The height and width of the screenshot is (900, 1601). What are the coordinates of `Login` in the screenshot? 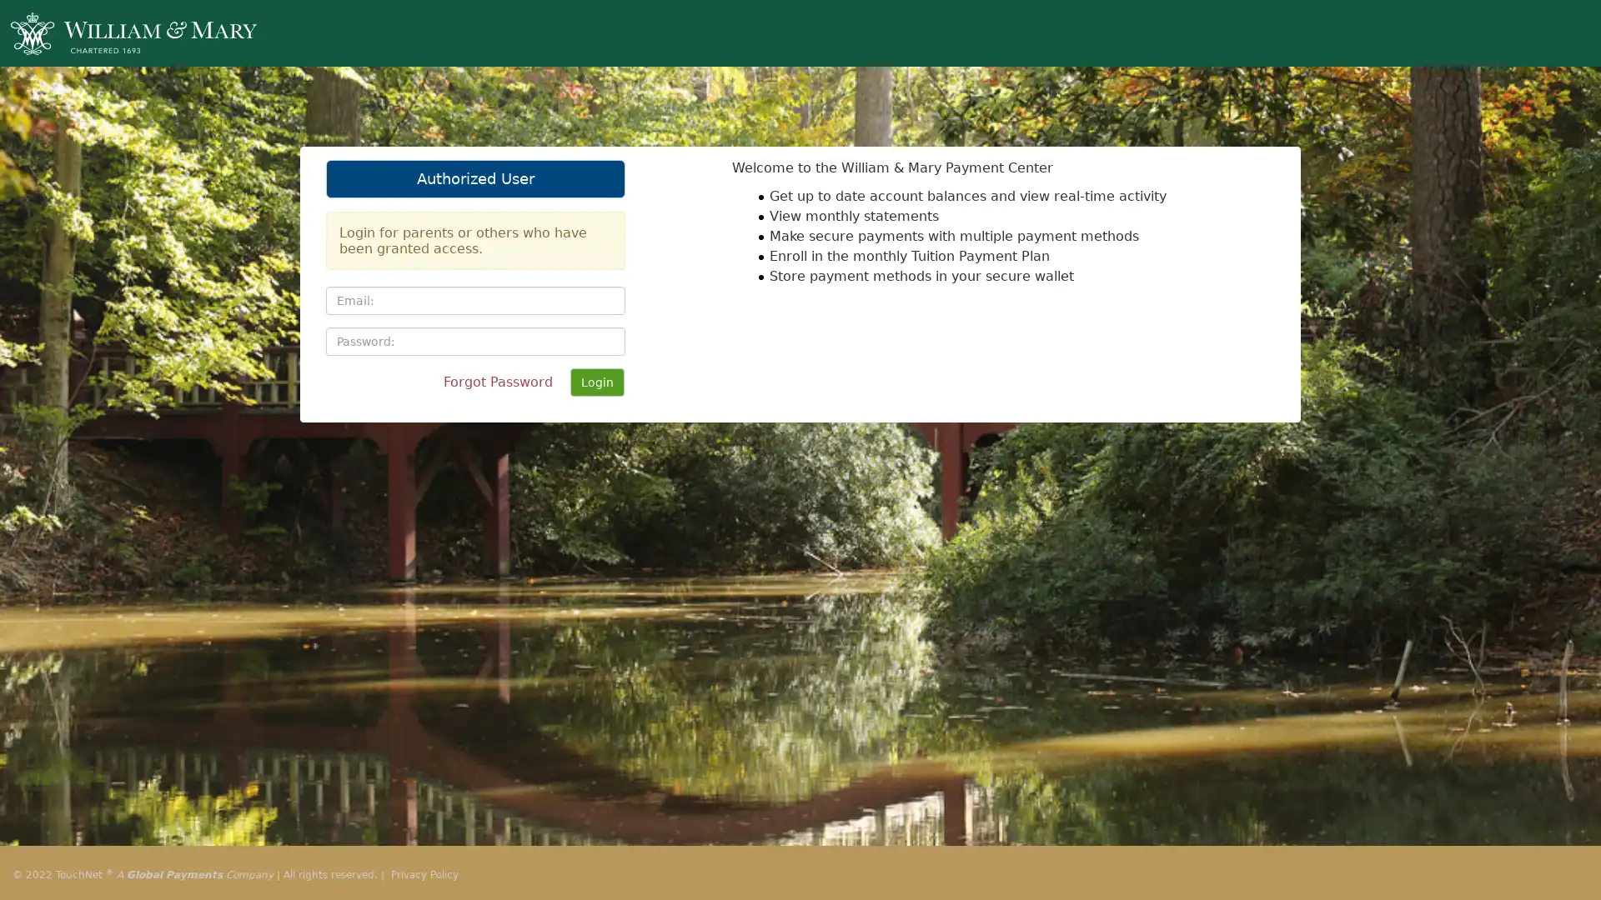 It's located at (597, 382).